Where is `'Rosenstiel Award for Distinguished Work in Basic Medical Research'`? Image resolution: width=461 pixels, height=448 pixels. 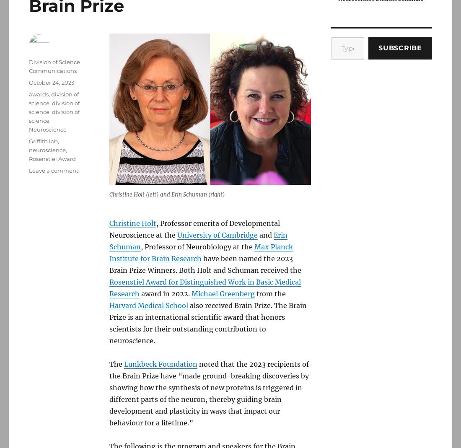 'Rosenstiel Award for Distinguished Work in Basic Medical Research' is located at coordinates (205, 287).